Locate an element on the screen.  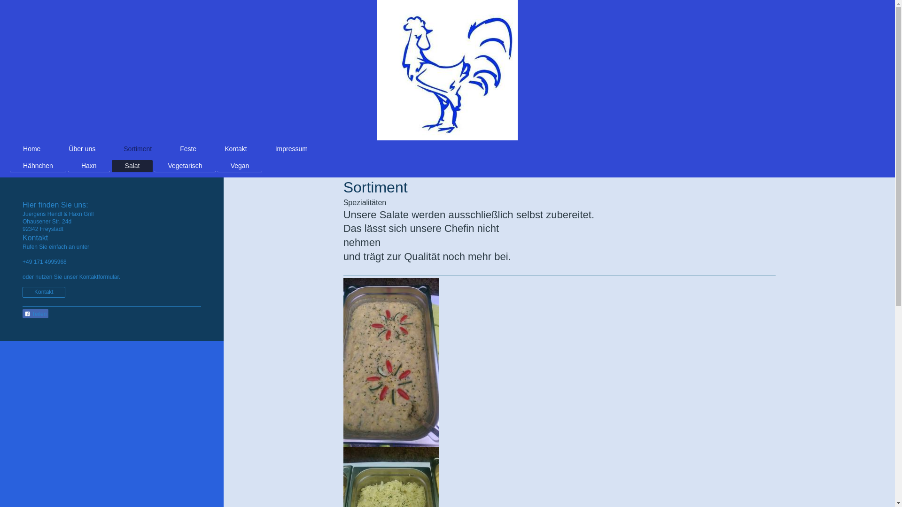
'Teilen' is located at coordinates (35, 313).